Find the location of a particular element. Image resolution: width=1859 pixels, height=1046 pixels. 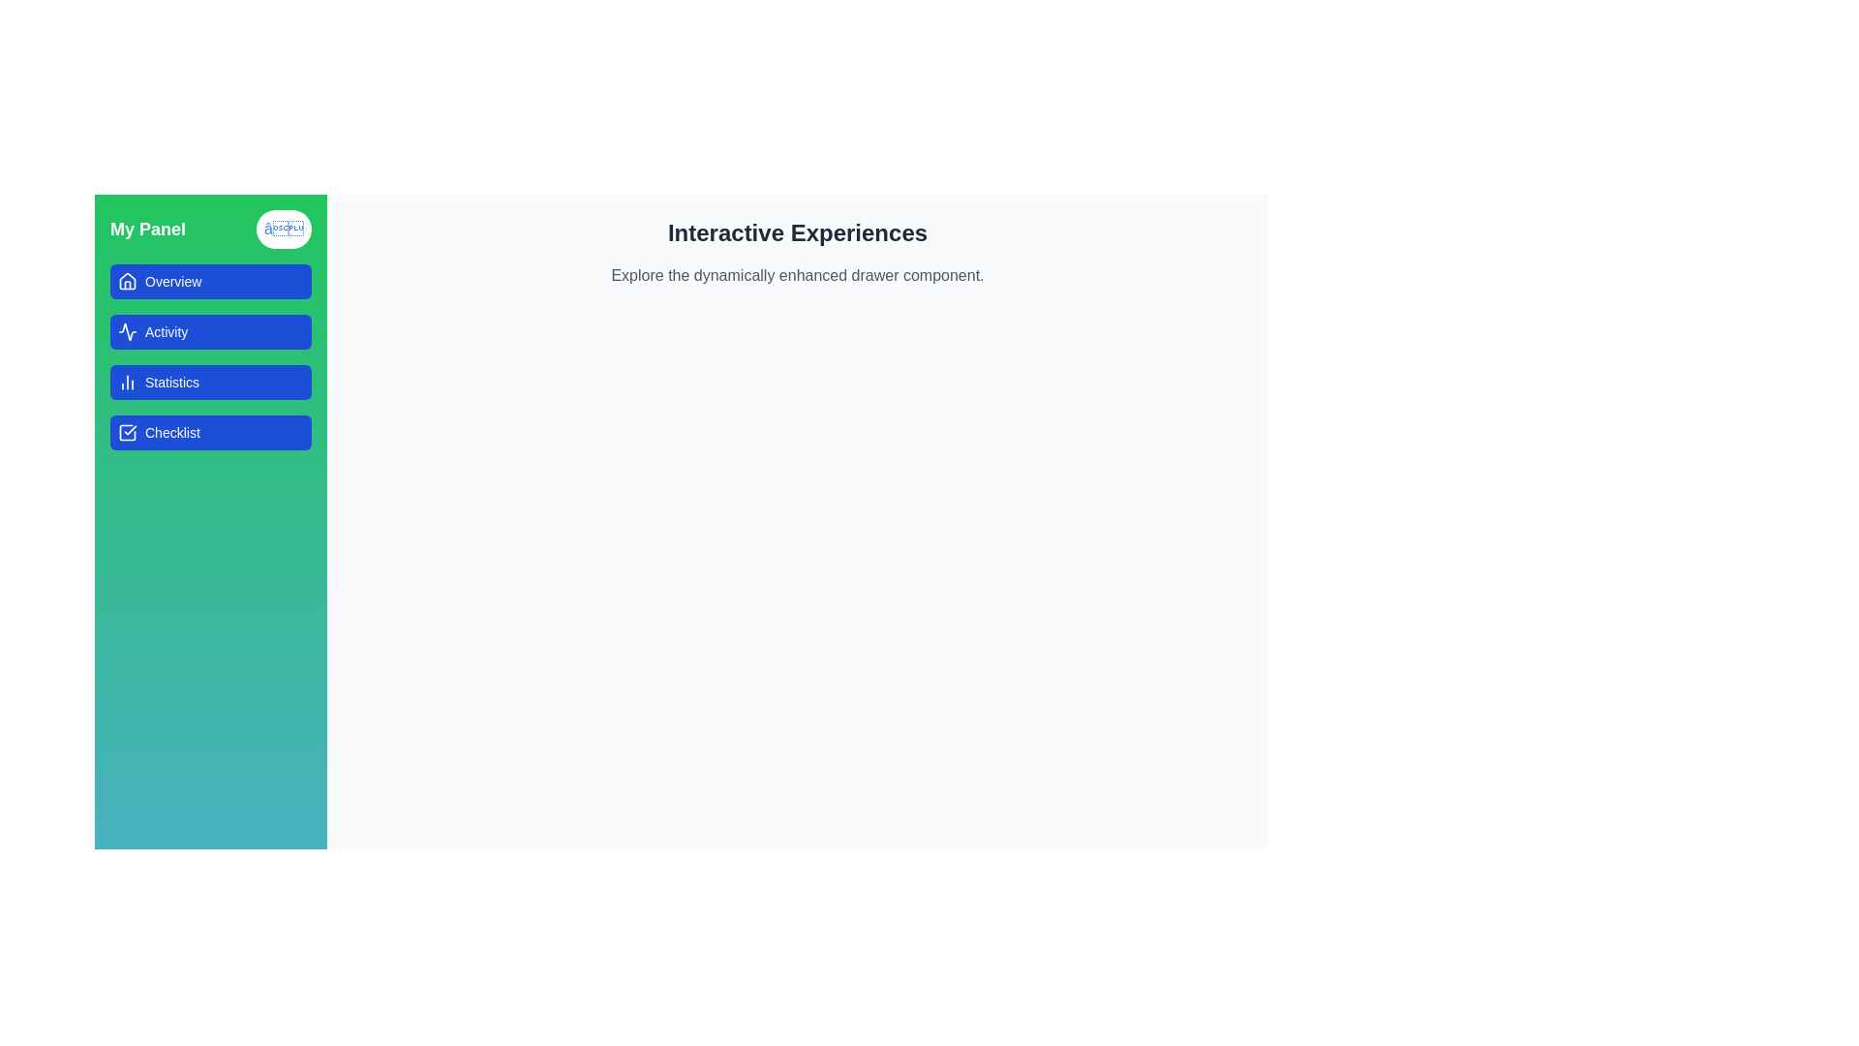

the 'Activity' icon in the vertical navigation menu is located at coordinates (127, 331).